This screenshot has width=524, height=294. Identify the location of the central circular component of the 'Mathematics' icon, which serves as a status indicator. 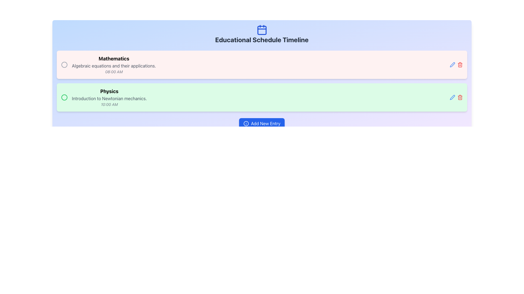
(64, 65).